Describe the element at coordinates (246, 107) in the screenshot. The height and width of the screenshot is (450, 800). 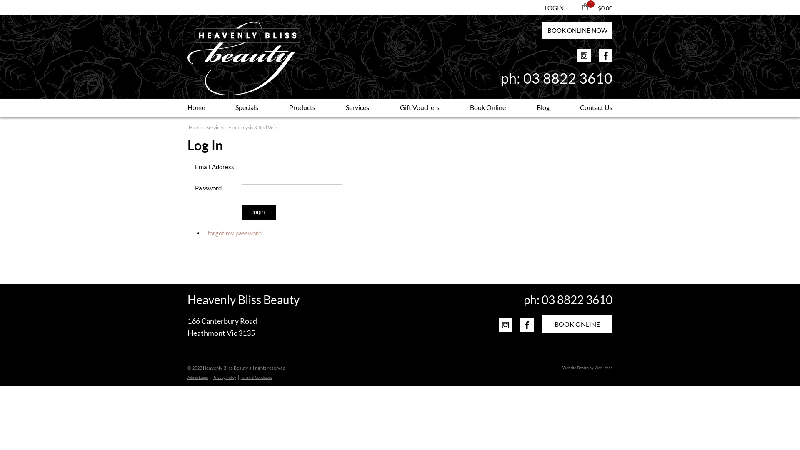
I see `'Specials'` at that location.